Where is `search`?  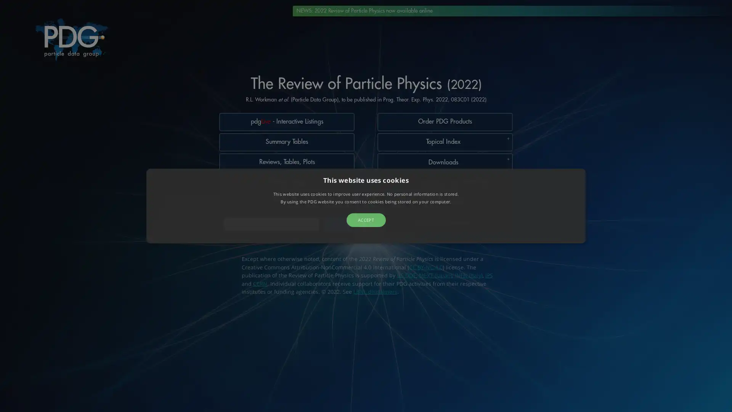
search is located at coordinates (337, 231).